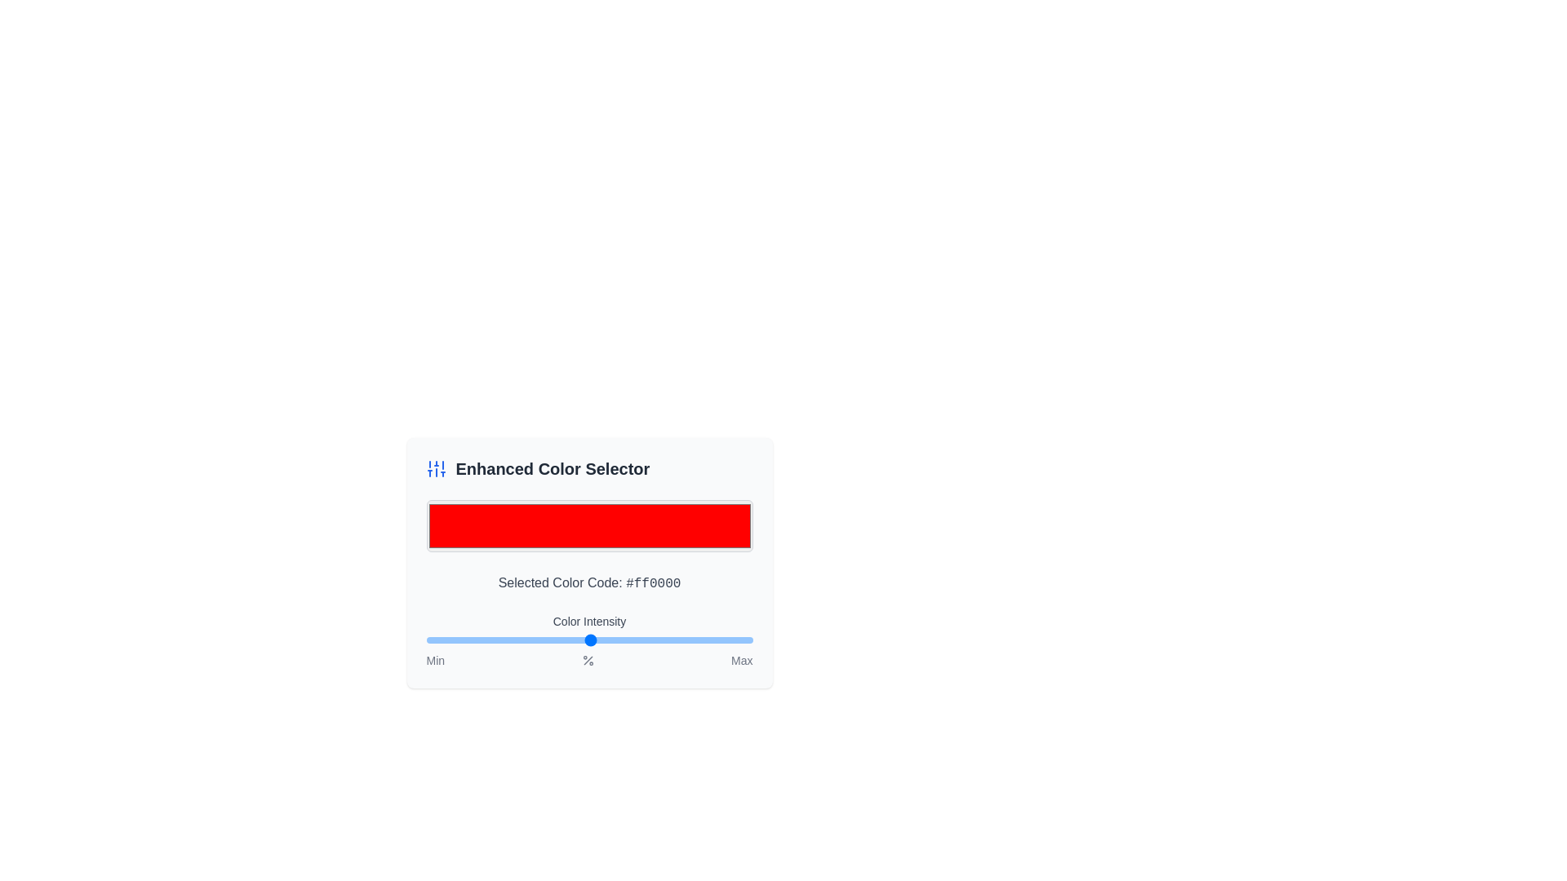  Describe the element at coordinates (597, 640) in the screenshot. I see `the slider value` at that location.